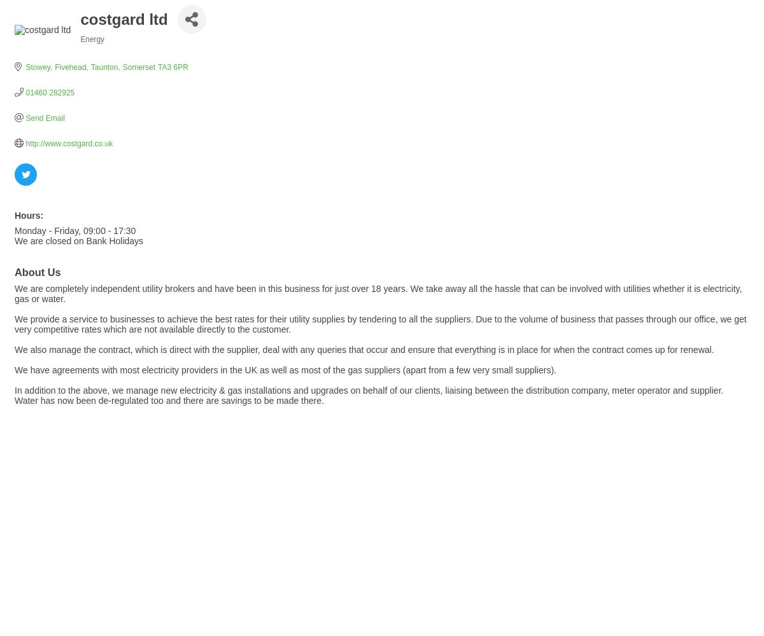  What do you see at coordinates (92, 39) in the screenshot?
I see `'Energy'` at bounding box center [92, 39].